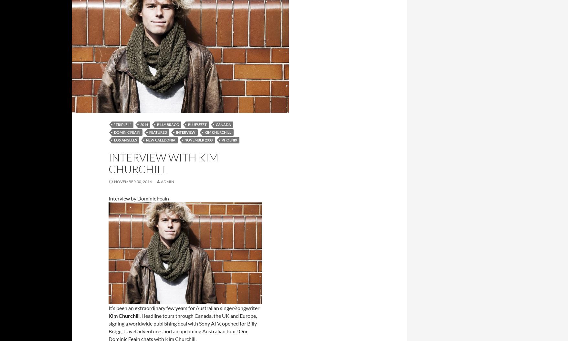 Image resolution: width=568 pixels, height=341 pixels. I want to click on 'November 30, 2014', so click(114, 181).